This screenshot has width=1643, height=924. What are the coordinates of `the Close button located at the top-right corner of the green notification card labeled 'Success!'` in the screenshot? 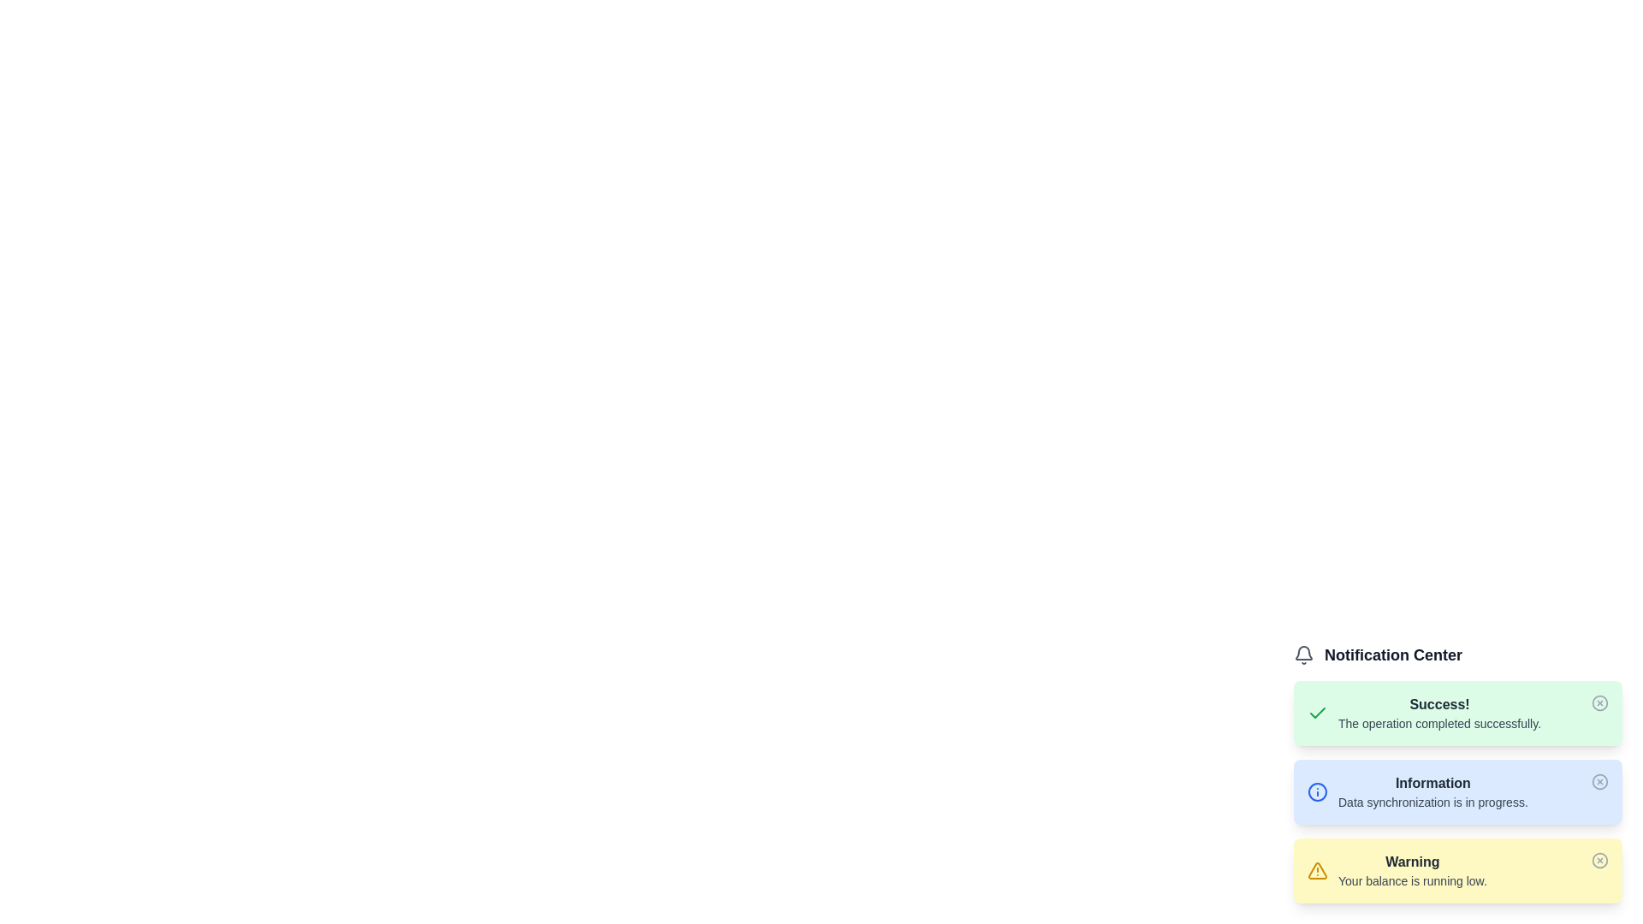 It's located at (1599, 702).